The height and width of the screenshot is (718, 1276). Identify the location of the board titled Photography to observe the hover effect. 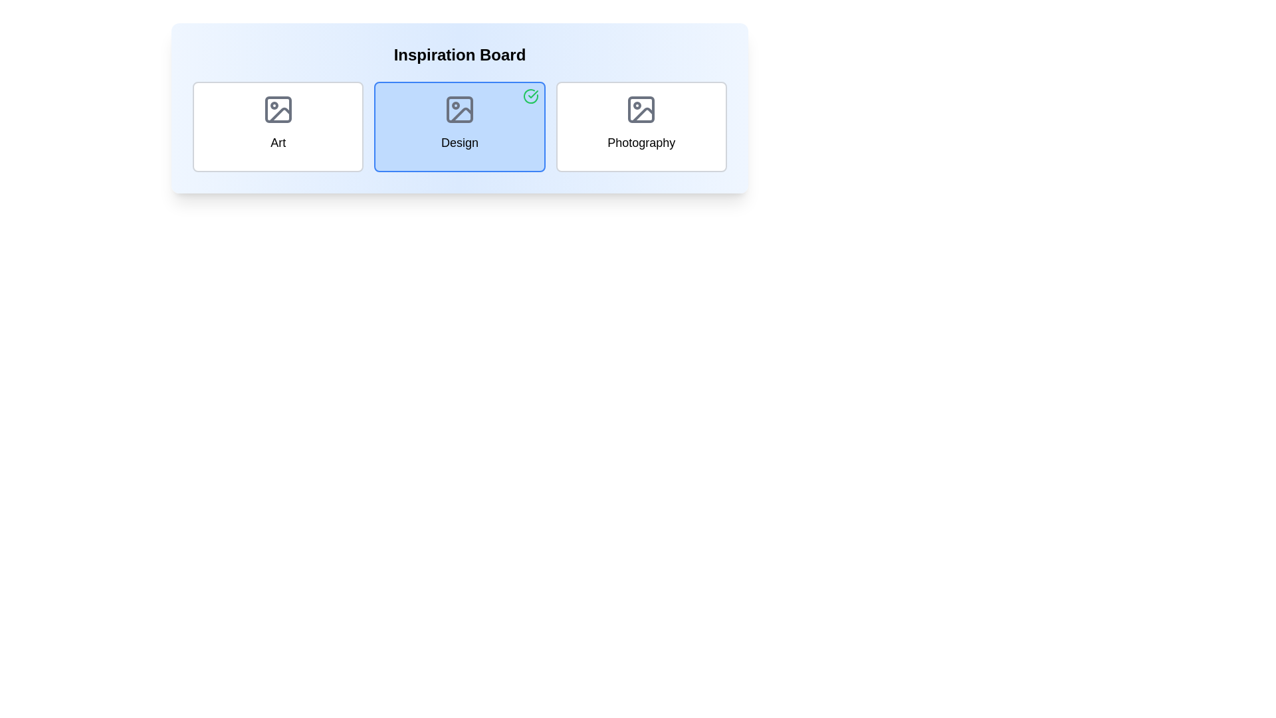
(641, 127).